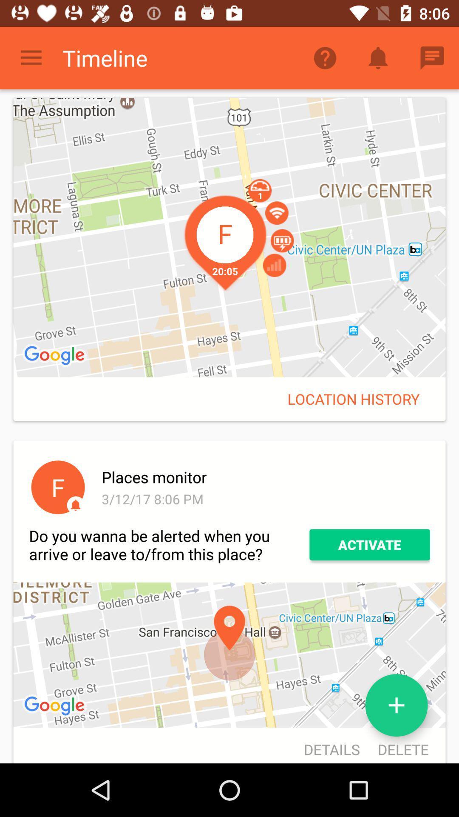  I want to click on the item above the f item, so click(56, 356).